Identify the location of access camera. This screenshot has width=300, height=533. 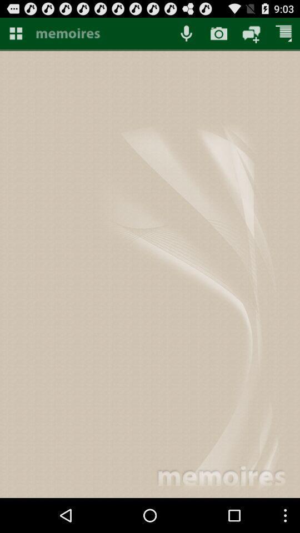
(219, 33).